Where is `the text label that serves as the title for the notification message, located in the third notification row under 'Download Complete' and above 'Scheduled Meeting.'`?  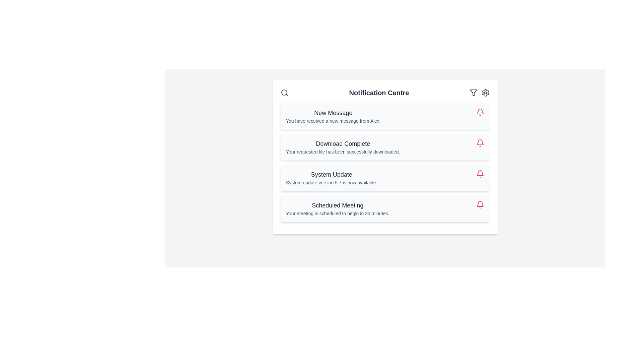
the text label that serves as the title for the notification message, located in the third notification row under 'Download Complete' and above 'Scheduled Meeting.' is located at coordinates (332, 174).